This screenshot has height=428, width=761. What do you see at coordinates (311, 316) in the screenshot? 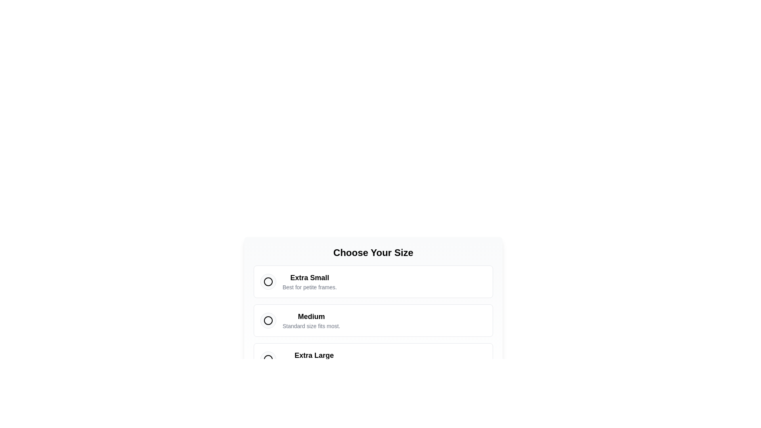
I see `text label displaying 'Medium' in bold type, which is positioned centrally within the size options list` at bounding box center [311, 316].